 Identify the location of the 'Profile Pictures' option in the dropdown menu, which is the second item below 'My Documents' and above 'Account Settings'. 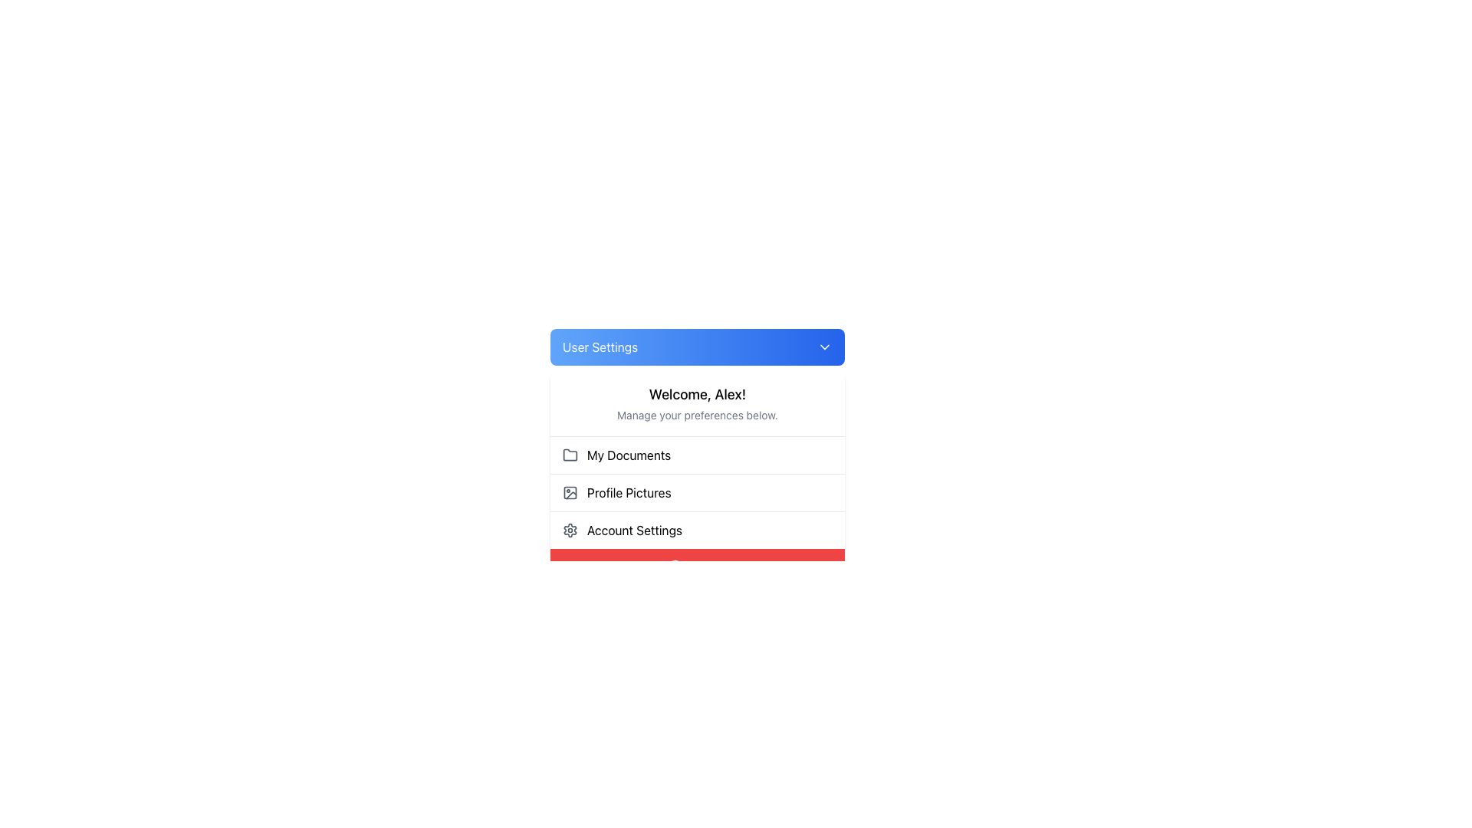
(697, 478).